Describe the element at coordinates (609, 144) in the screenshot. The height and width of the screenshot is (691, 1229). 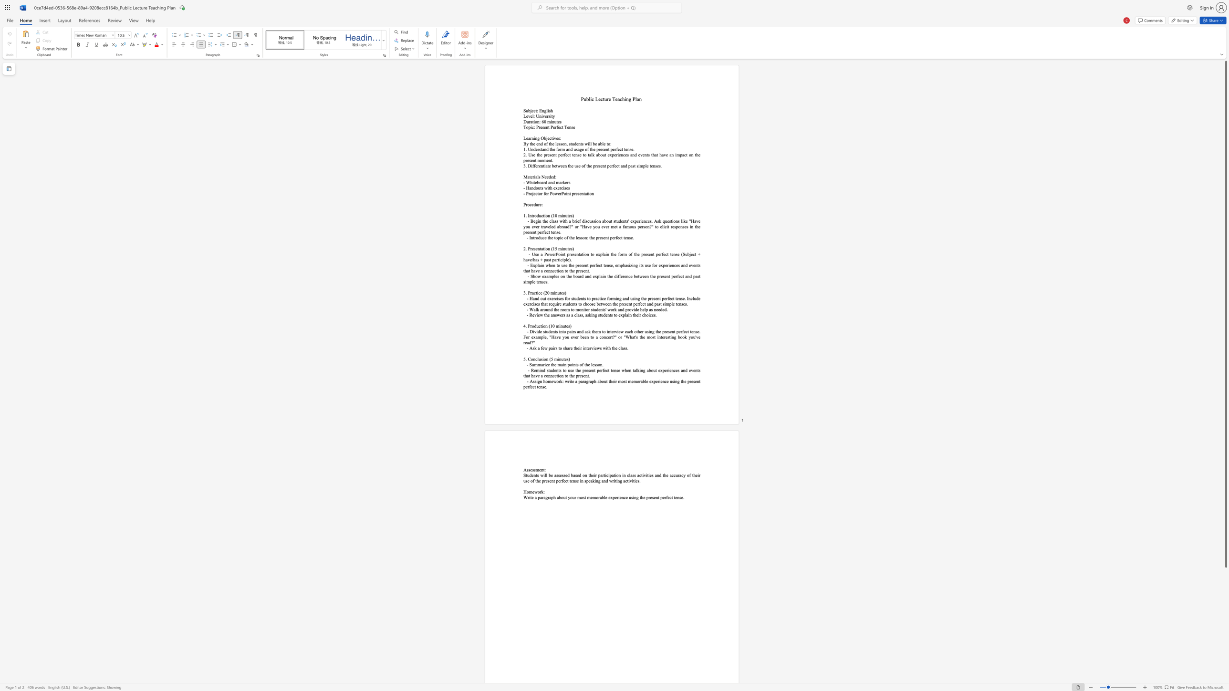
I see `the 3th character "o" in the text` at that location.